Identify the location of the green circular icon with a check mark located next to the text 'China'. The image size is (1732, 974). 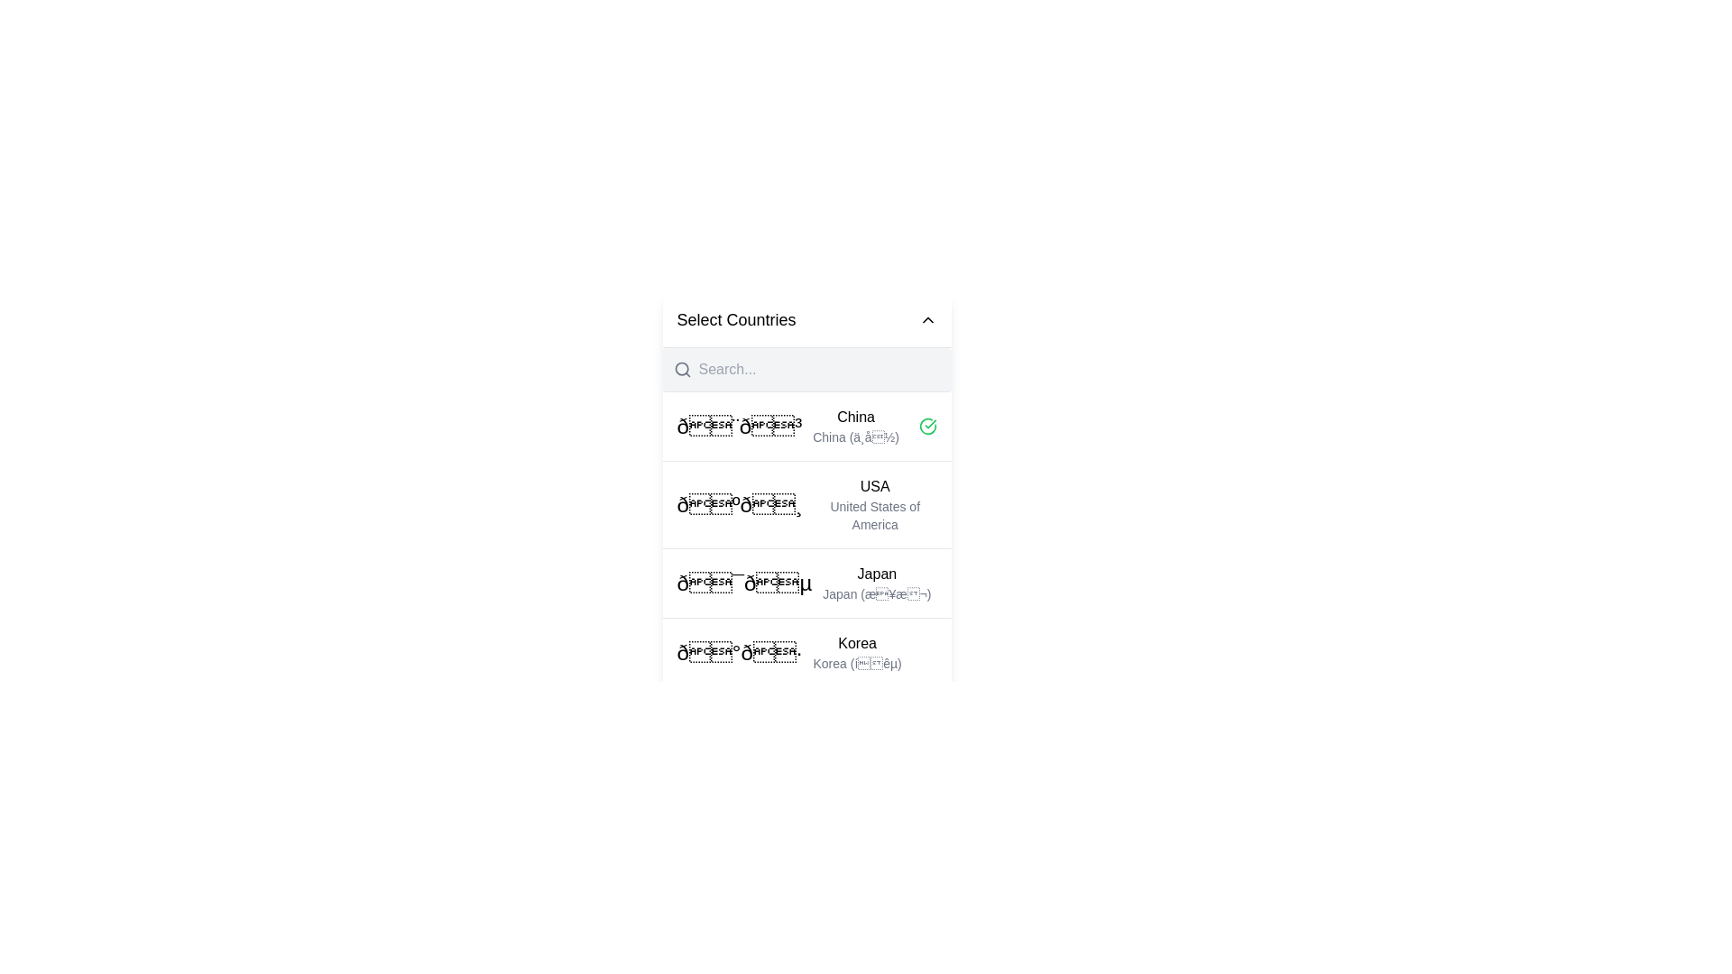
(927, 427).